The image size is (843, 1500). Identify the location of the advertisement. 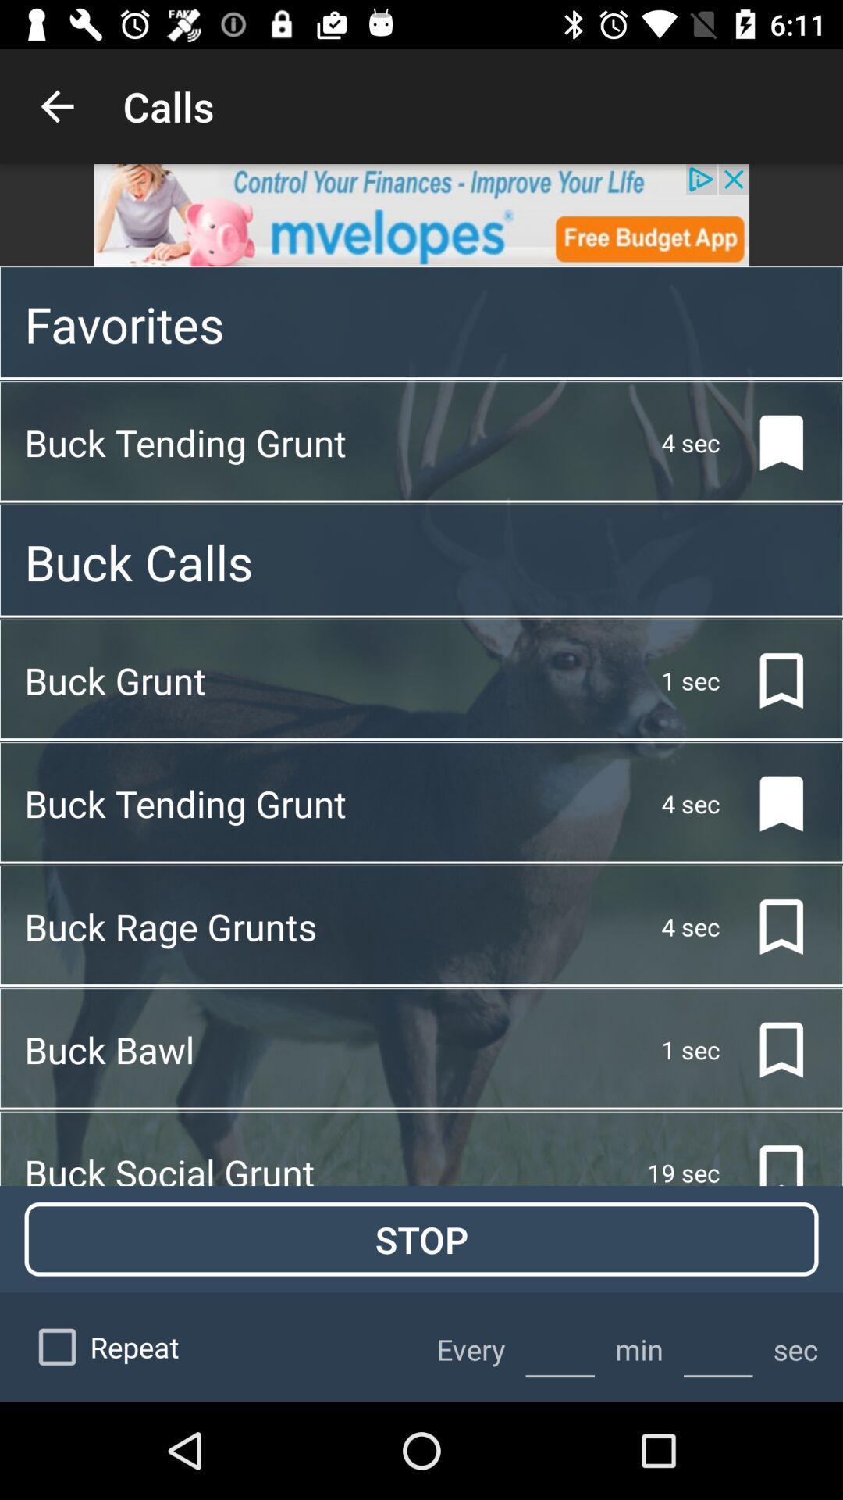
(421, 214).